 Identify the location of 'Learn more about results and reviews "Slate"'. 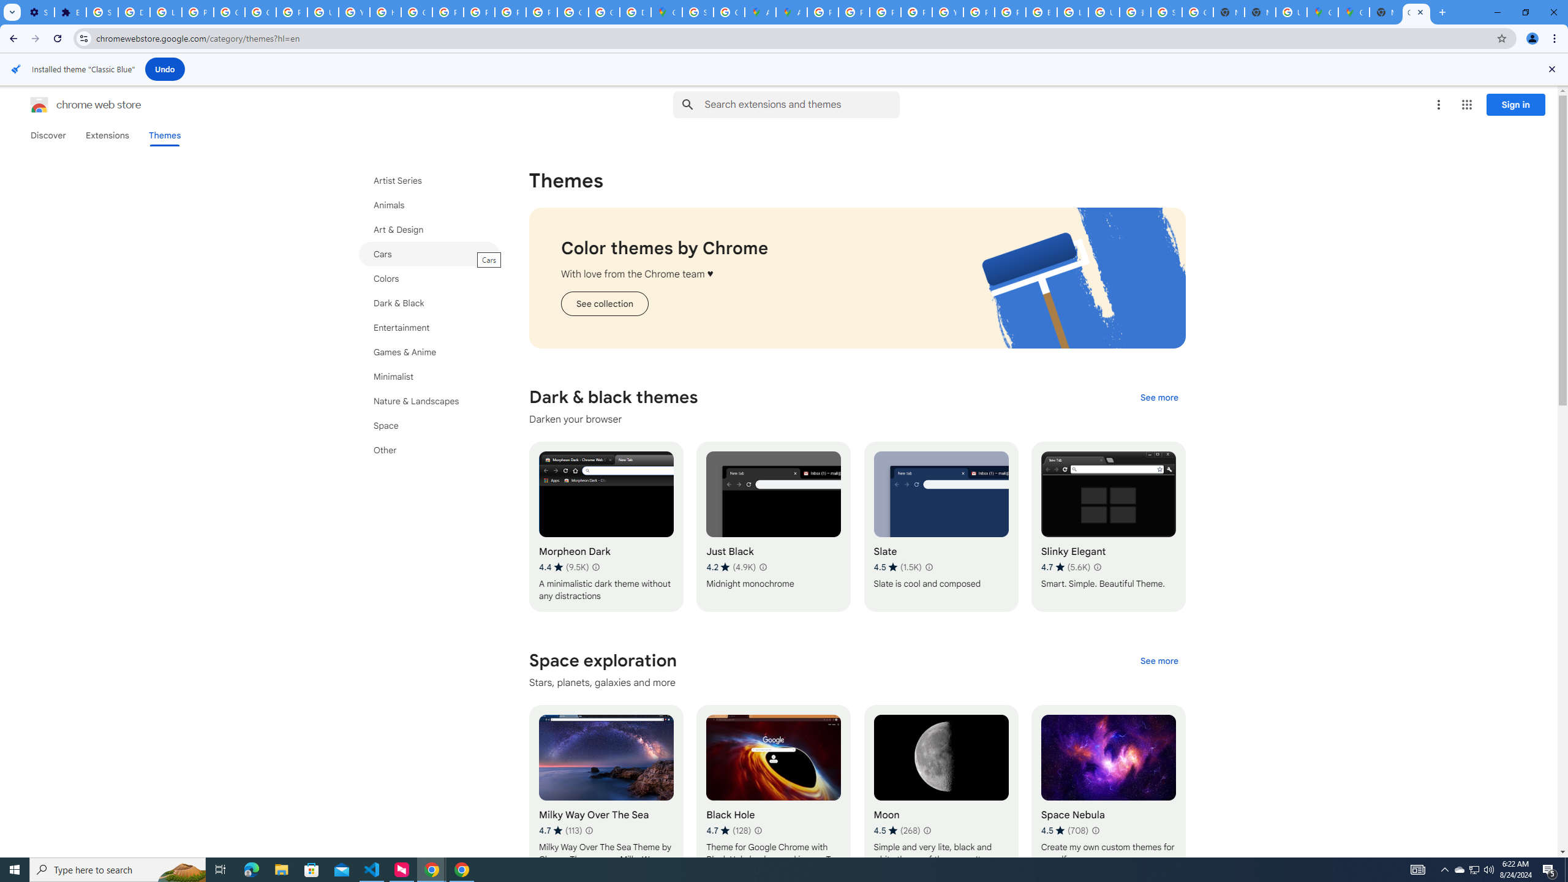
(929, 566).